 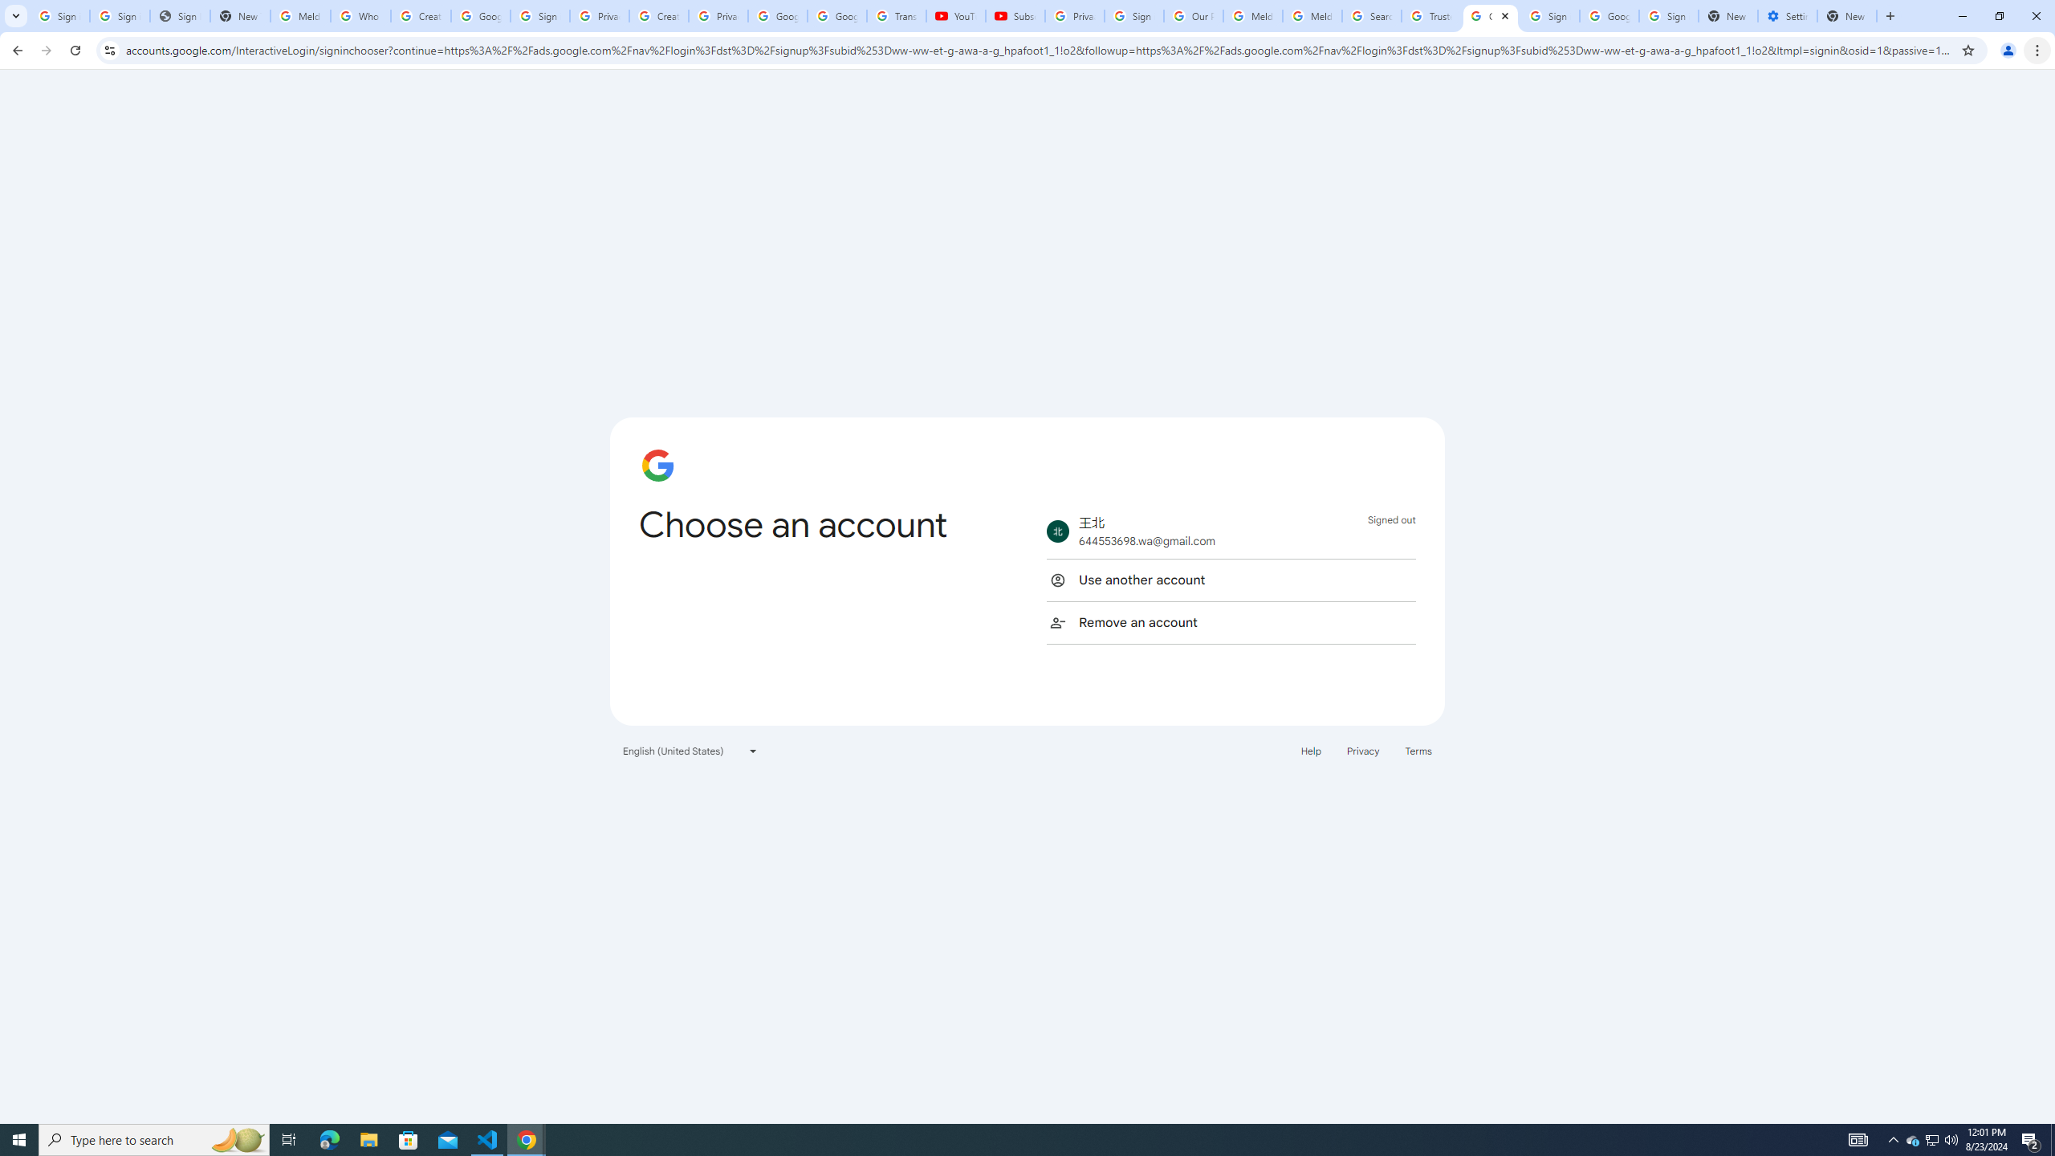 What do you see at coordinates (1418, 750) in the screenshot?
I see `'Terms'` at bounding box center [1418, 750].